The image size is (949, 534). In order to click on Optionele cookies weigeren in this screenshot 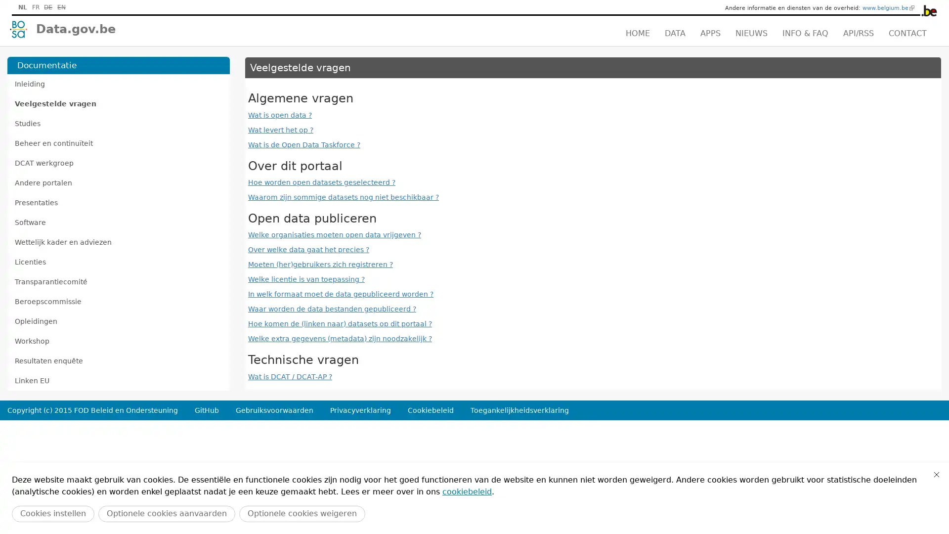, I will do `click(302, 513)`.